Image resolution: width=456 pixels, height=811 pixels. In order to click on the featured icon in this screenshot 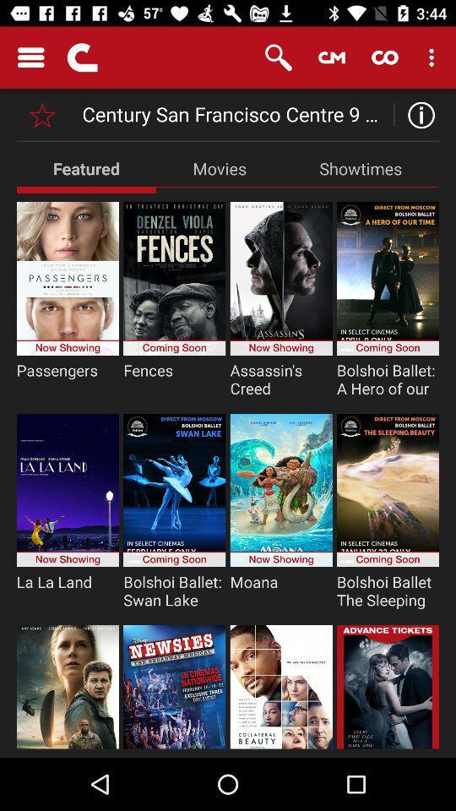, I will do `click(86, 168)`.